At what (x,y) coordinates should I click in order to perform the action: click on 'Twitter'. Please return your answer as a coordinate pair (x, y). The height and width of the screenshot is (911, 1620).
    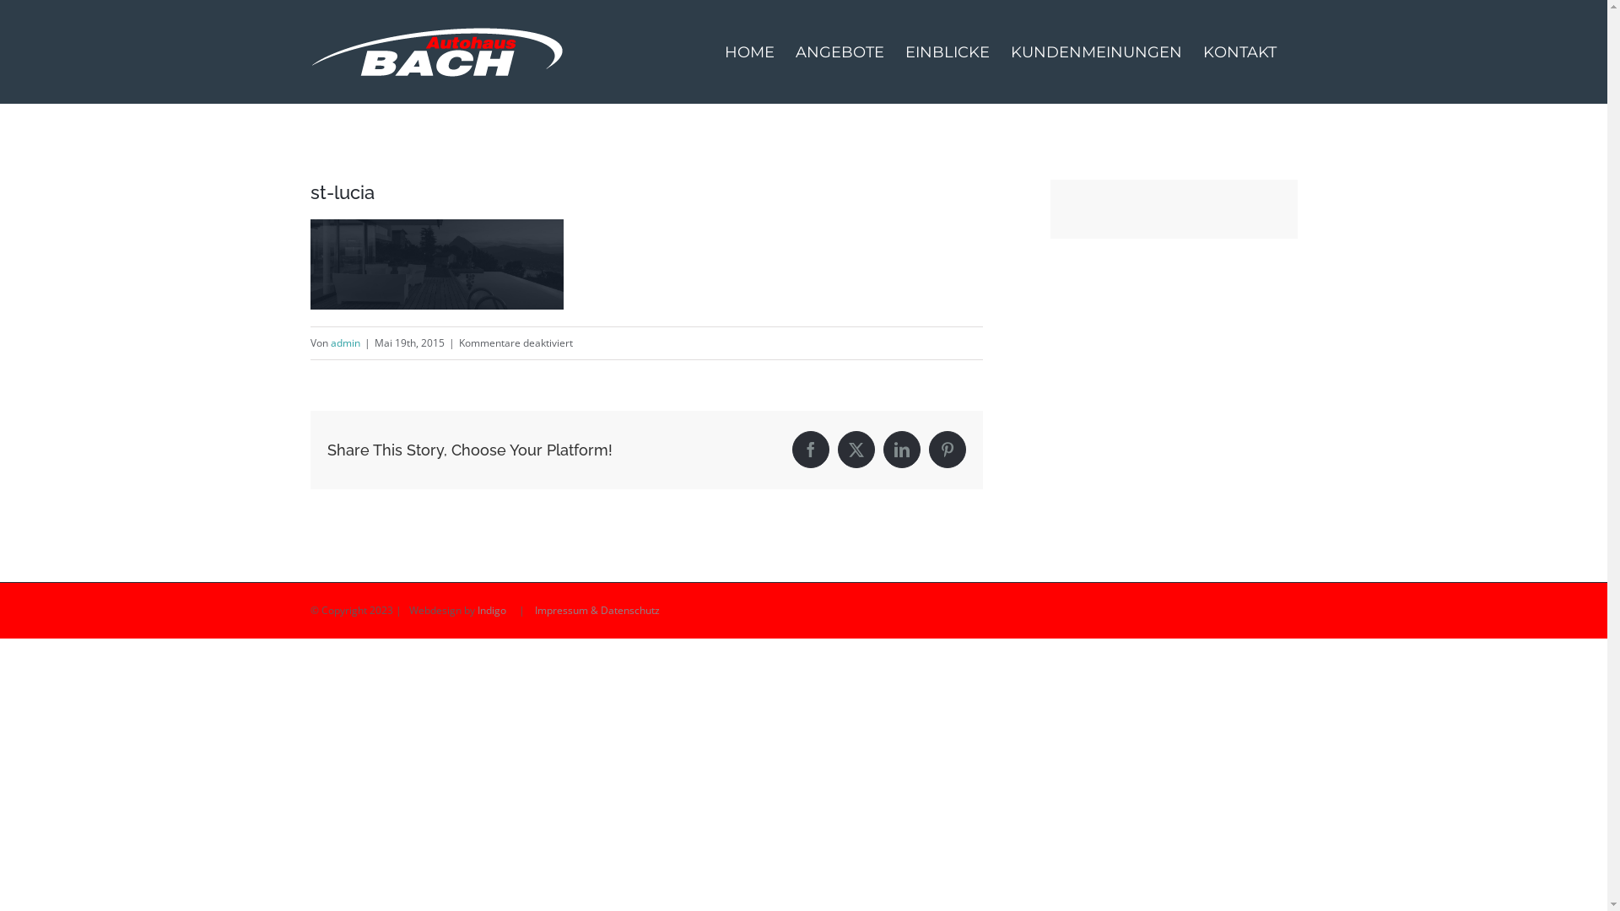
    Looking at the image, I should click on (856, 448).